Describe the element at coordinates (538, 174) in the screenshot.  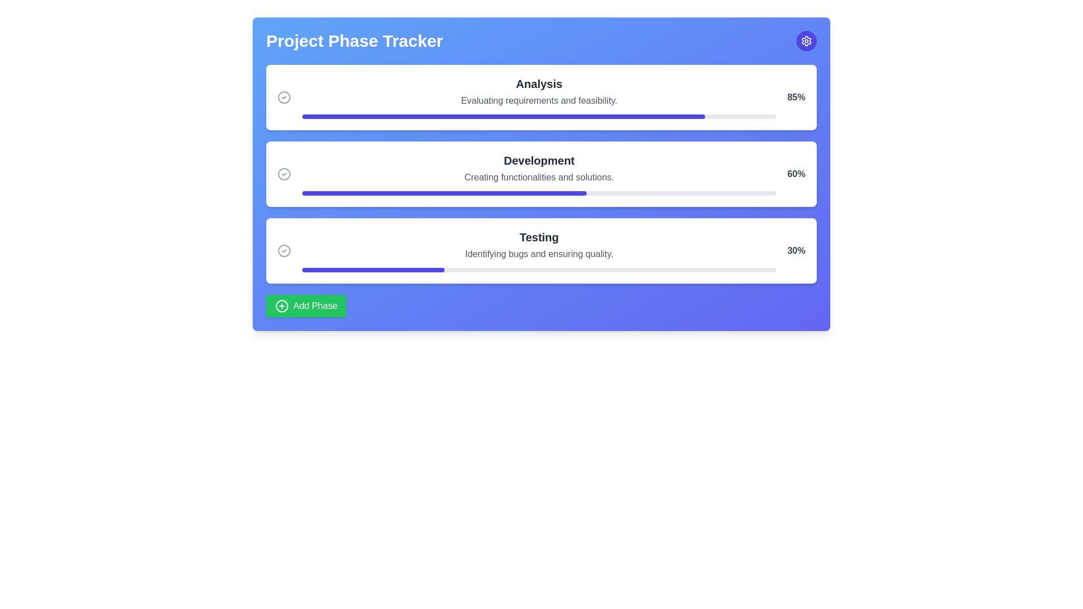
I see `the informational section titled 'Development' with a subtitle describing 'Creating functionalities and solutions.' which is the second item in a vertical list of sections inside a blue-background card` at that location.